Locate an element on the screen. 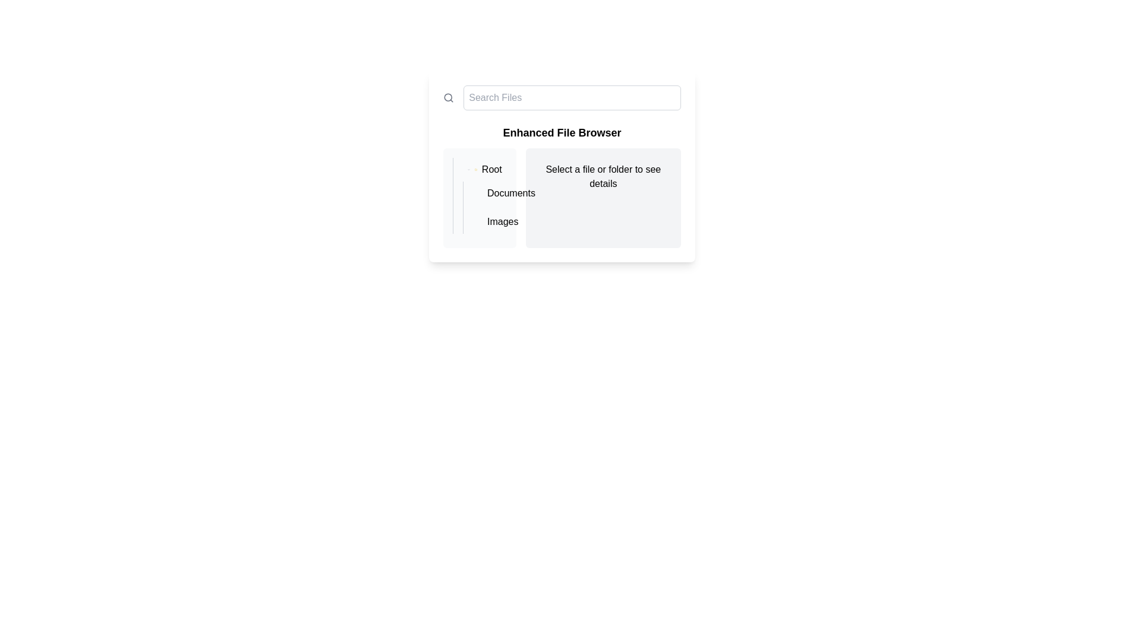 This screenshot has width=1141, height=641. the text label that prompts users to select a file or folder, located below the 'Enhanced File Browser' header is located at coordinates (603, 176).